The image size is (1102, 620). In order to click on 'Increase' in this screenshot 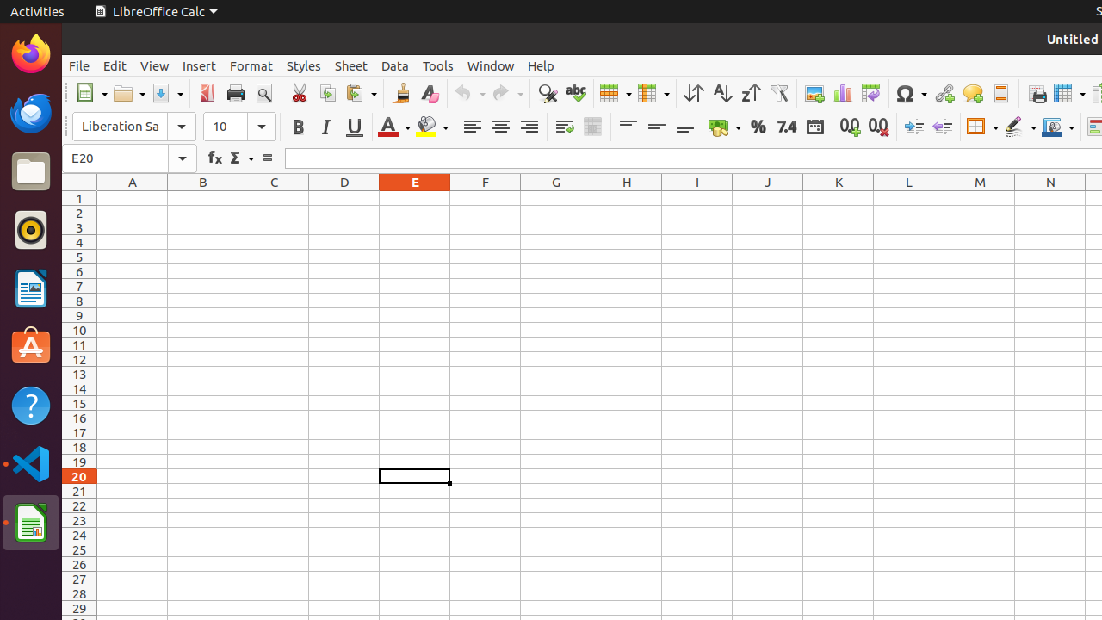, I will do `click(913, 126)`.